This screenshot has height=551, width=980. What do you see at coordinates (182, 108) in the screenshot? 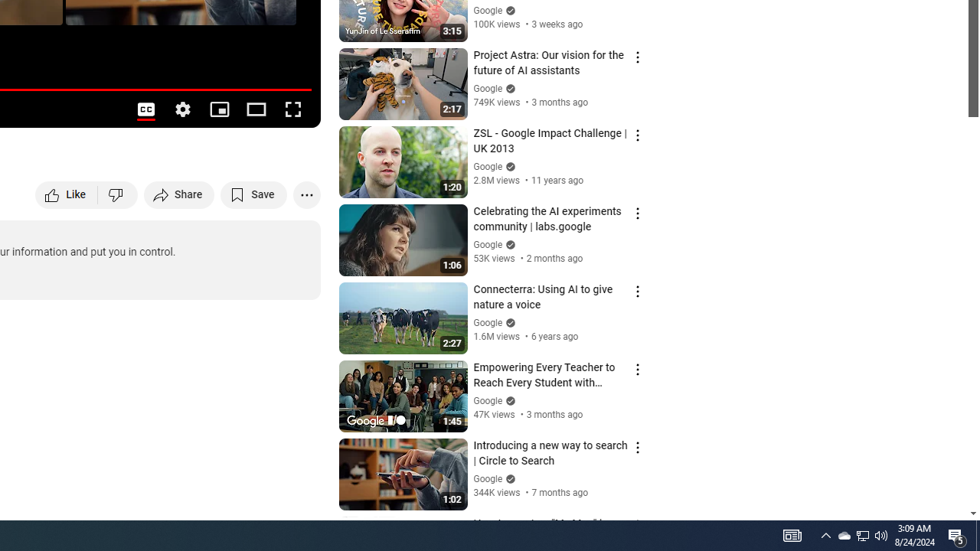
I see `'Settings'` at bounding box center [182, 108].